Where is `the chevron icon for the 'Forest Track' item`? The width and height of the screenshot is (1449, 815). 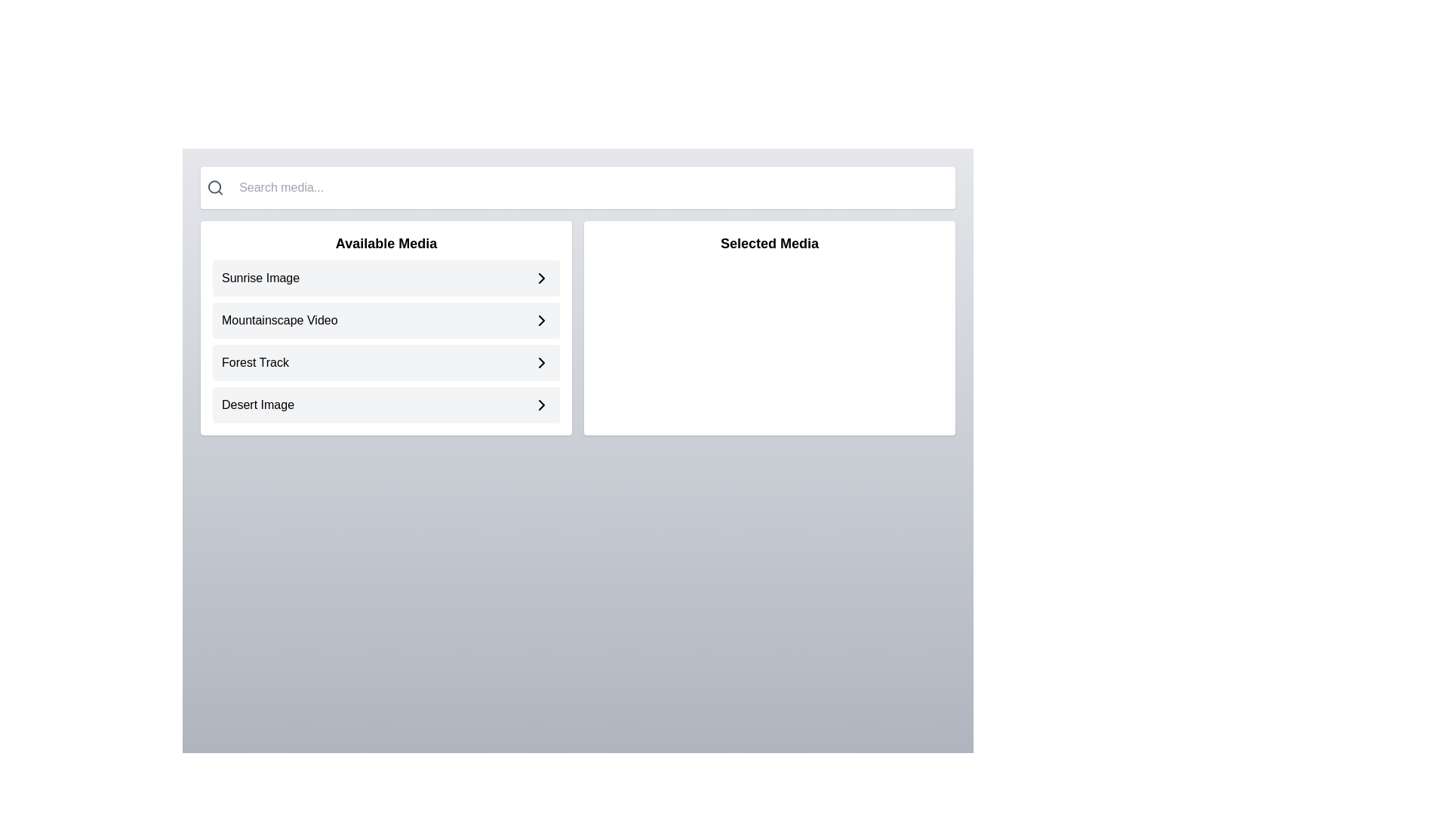 the chevron icon for the 'Forest Track' item is located at coordinates (542, 363).